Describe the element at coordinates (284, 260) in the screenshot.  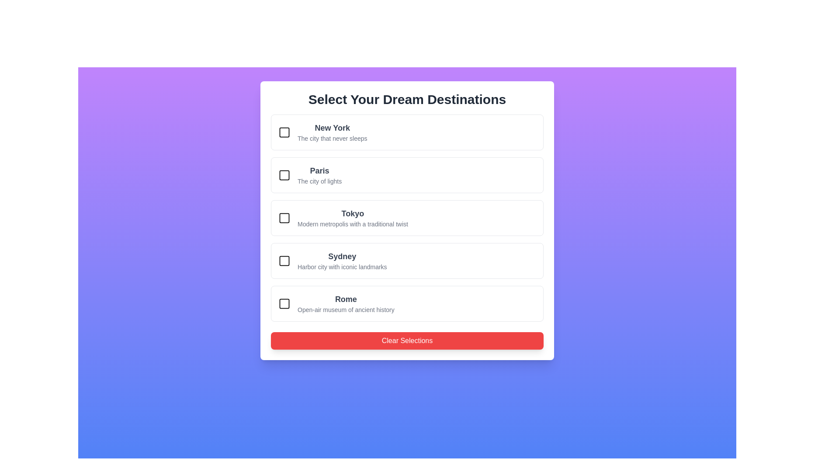
I see `the city Sydney by clicking on its checkbox or card` at that location.